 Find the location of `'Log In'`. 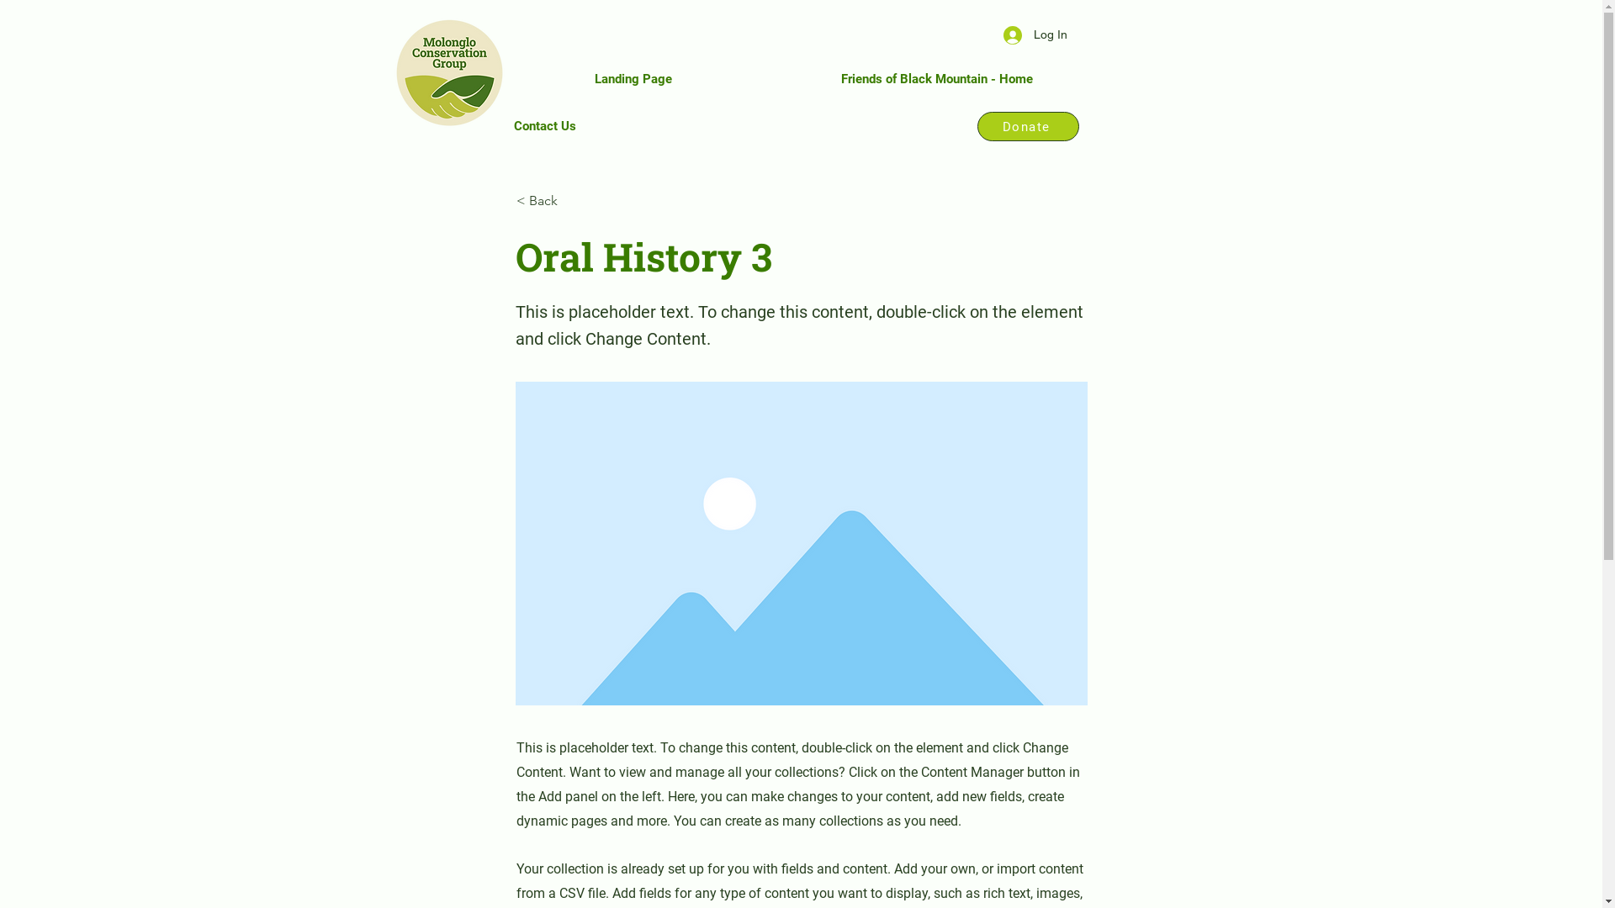

'Log In' is located at coordinates (1033, 34).